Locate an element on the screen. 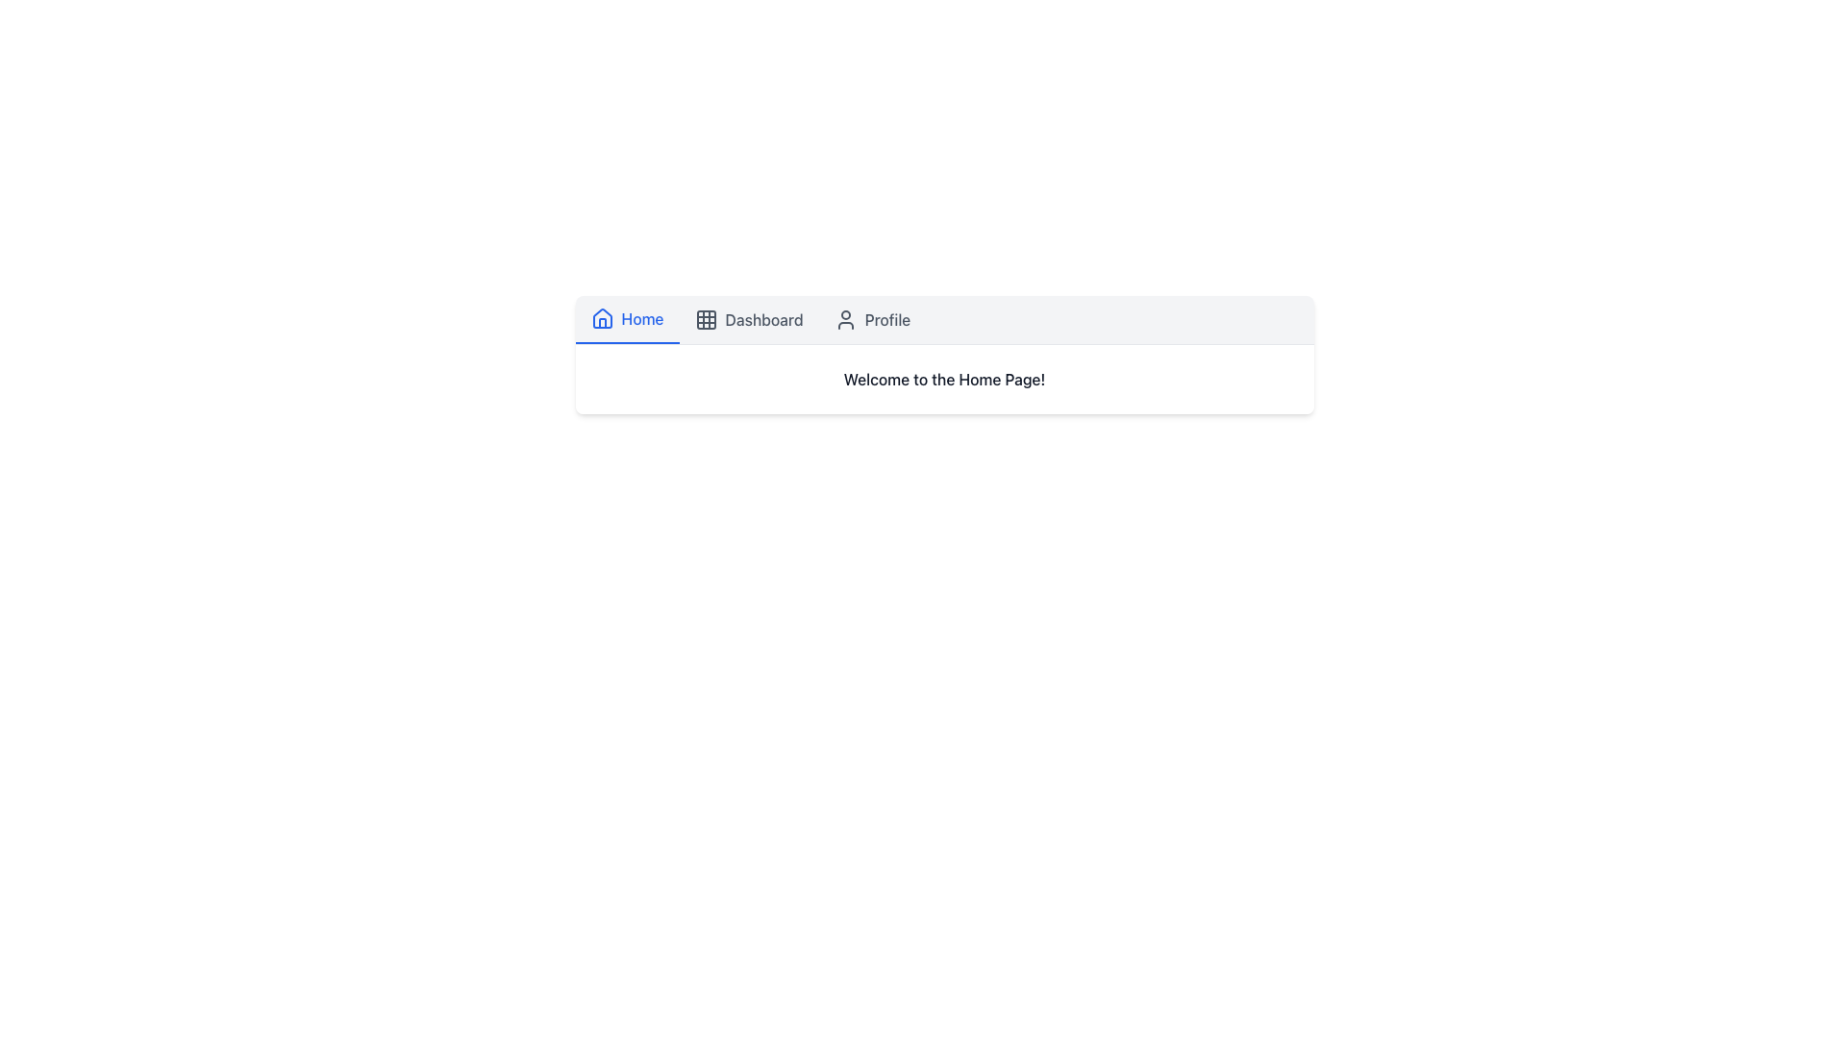 The width and height of the screenshot is (1846, 1038). the 'Home' SVG icon in the navigation bar is located at coordinates (601, 317).